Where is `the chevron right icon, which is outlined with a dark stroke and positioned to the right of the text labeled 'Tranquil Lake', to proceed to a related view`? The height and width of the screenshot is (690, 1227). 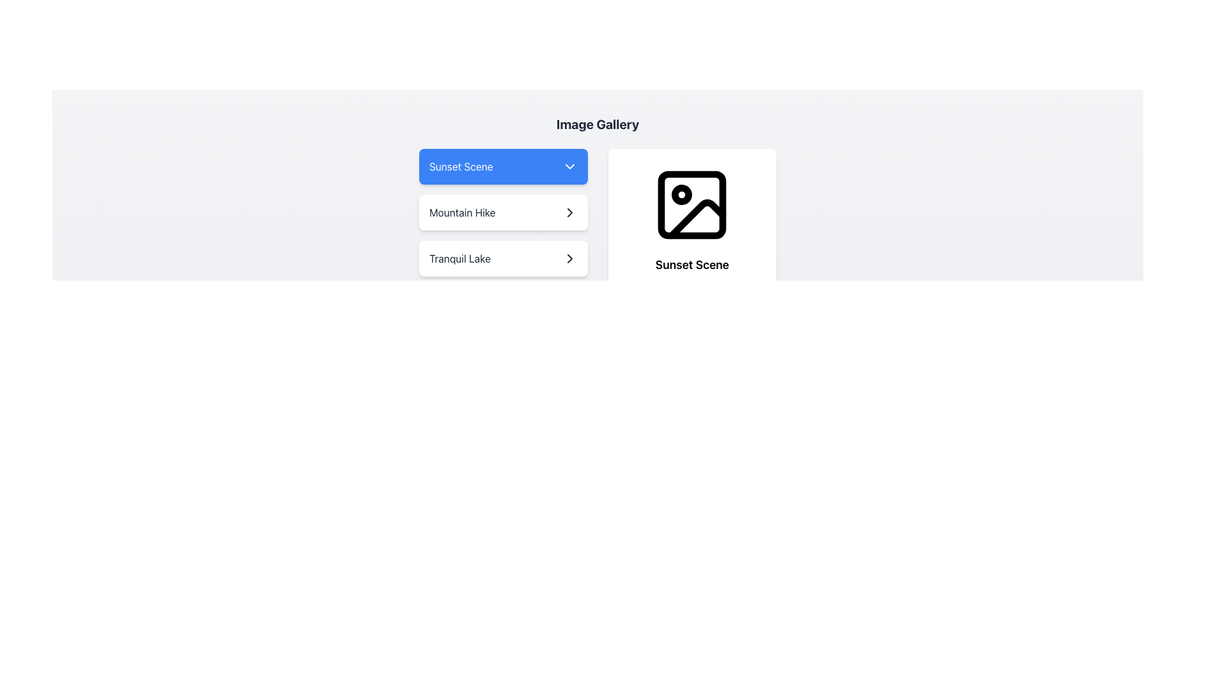 the chevron right icon, which is outlined with a dark stroke and positioned to the right of the text labeled 'Tranquil Lake', to proceed to a related view is located at coordinates (569, 211).